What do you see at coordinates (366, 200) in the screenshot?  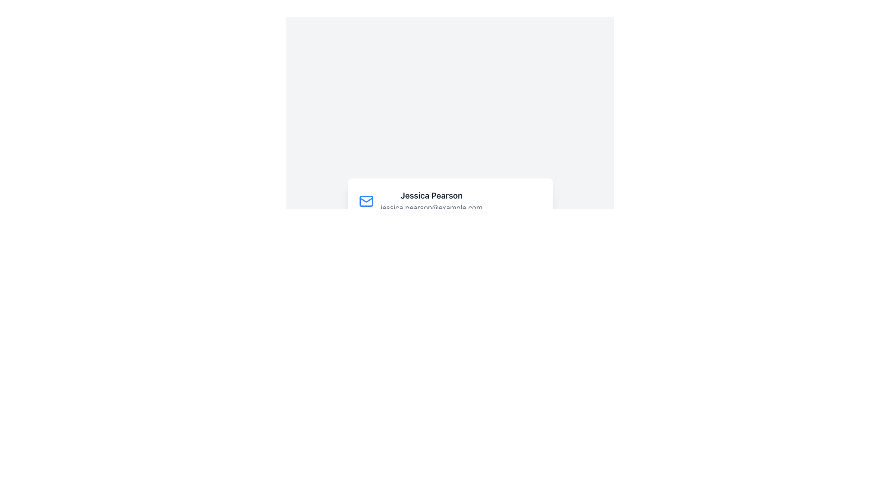 I see `the rectangular component representing the back of an envelope in the mail icon, which is horizontally centered above the user details text block labeled 'Jessica Pearson'` at bounding box center [366, 200].